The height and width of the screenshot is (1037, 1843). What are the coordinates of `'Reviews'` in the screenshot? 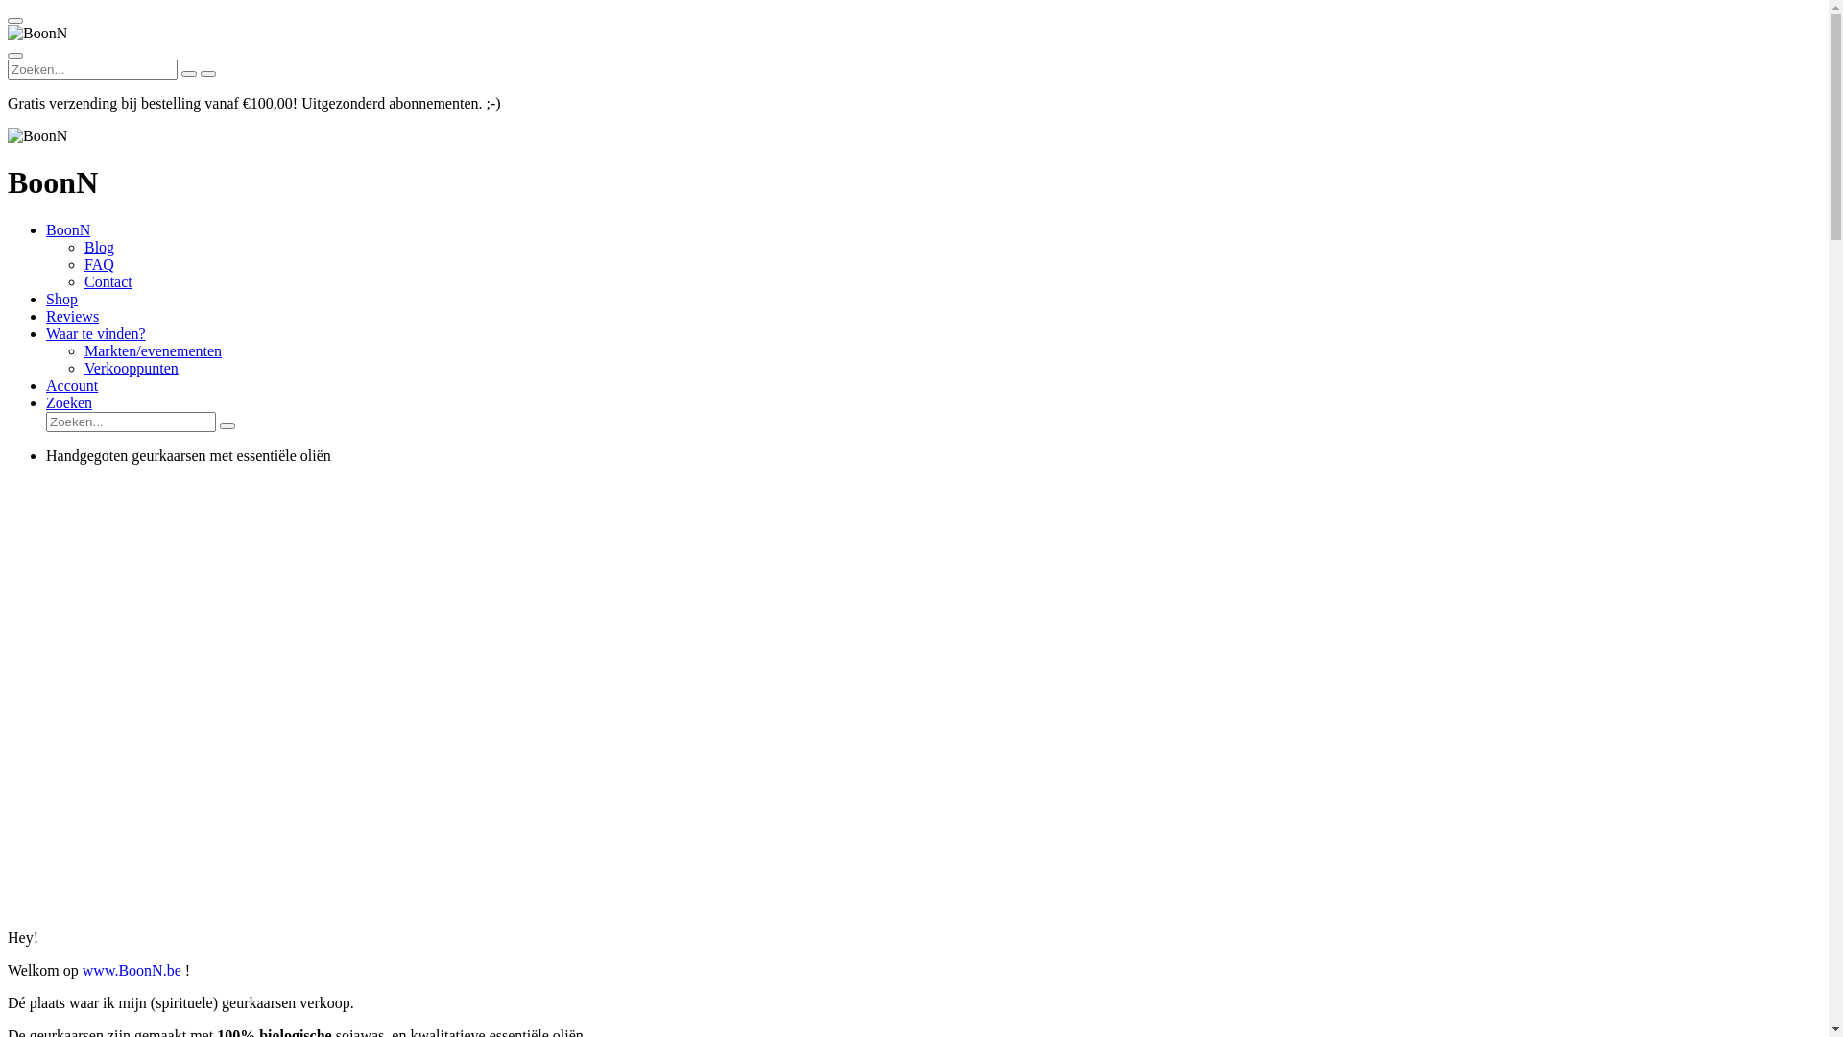 It's located at (72, 315).